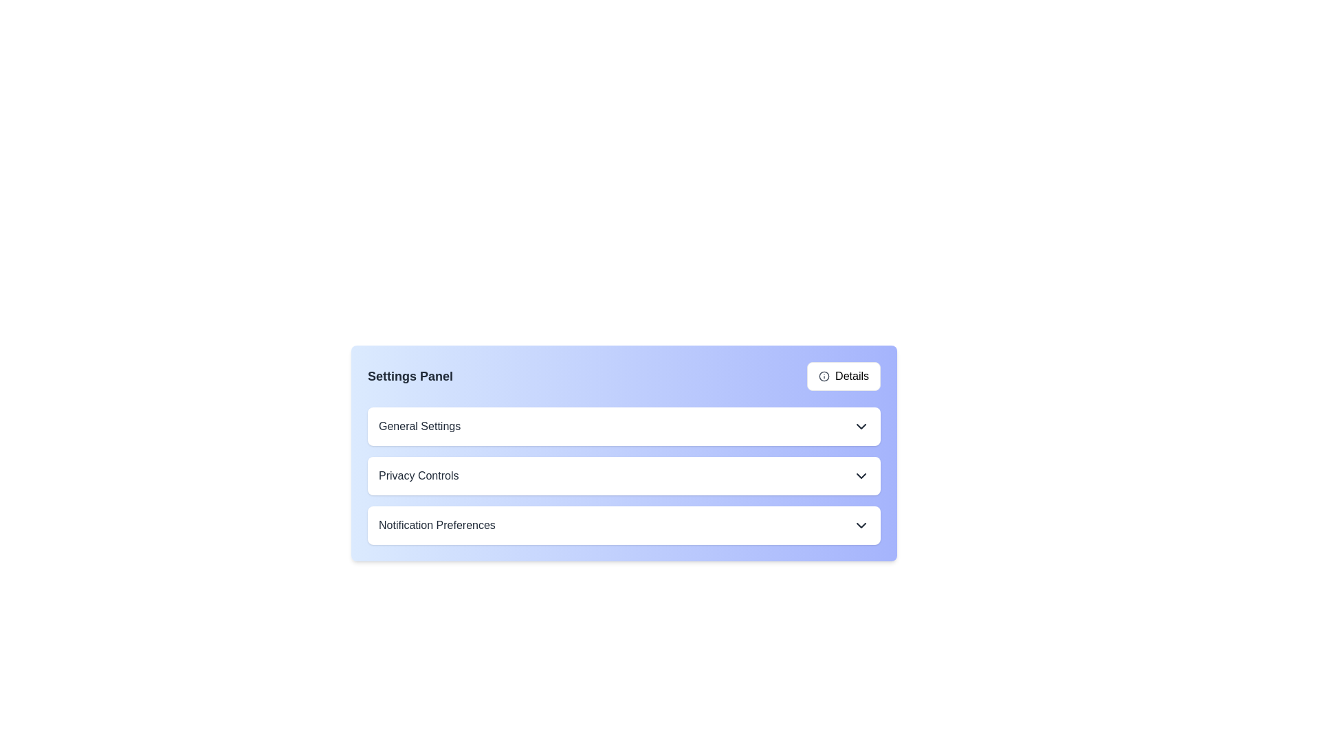  What do you see at coordinates (623, 469) in the screenshot?
I see `the Collapsible Tab located below 'General Settings' and above 'Notification Preferences' in the settings panel` at bounding box center [623, 469].